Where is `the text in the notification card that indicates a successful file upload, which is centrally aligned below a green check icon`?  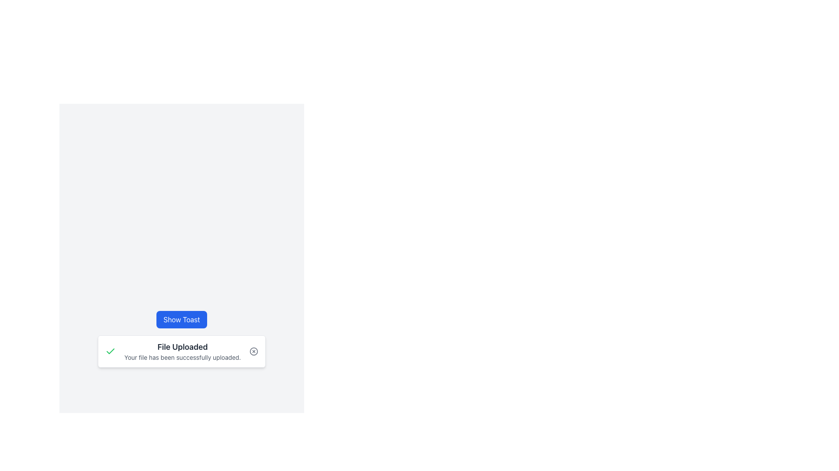 the text in the notification card that indicates a successful file upload, which is centrally aligned below a green check icon is located at coordinates (182, 351).